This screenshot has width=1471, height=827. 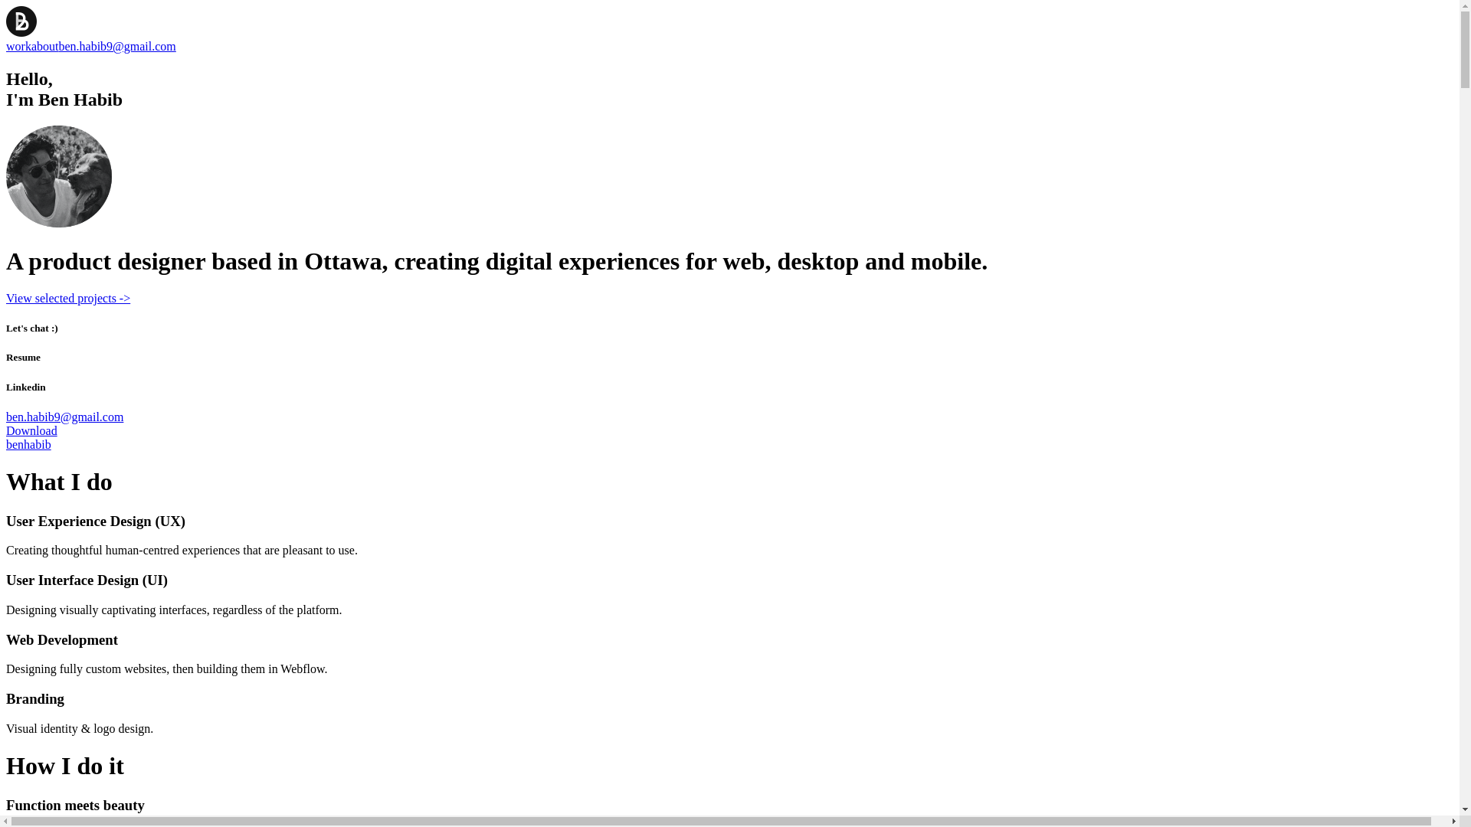 I want to click on 'about', so click(x=44, y=45).